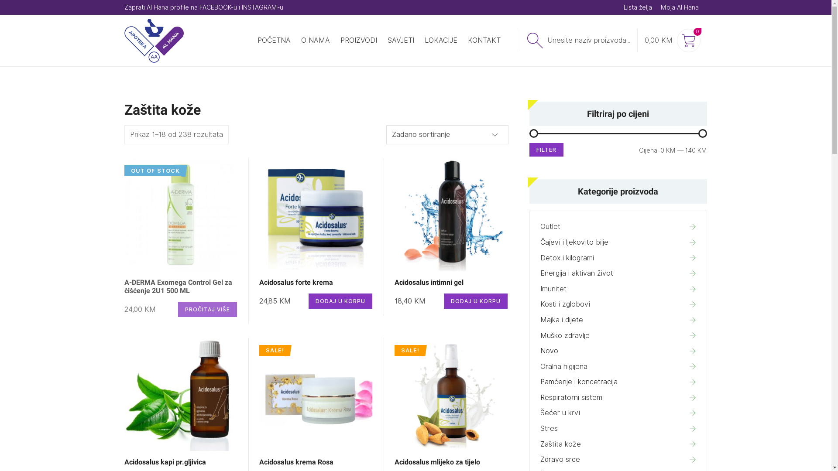  I want to click on 'INSTAGRAM-u', so click(241, 7).